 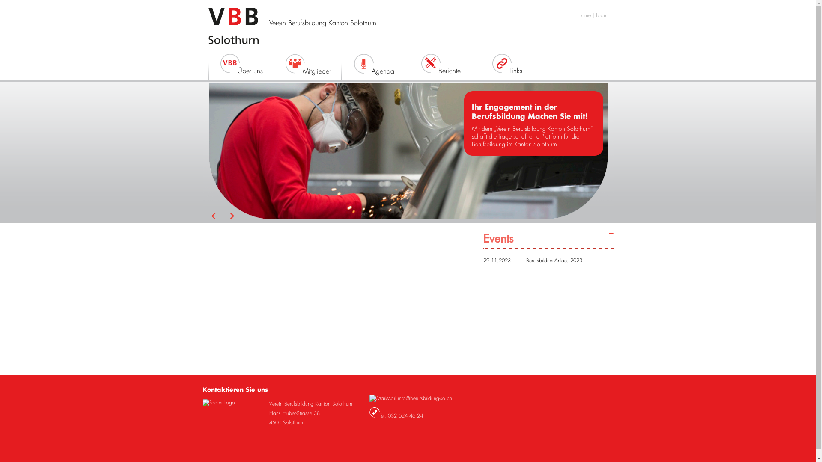 What do you see at coordinates (506, 67) in the screenshot?
I see `'Links'` at bounding box center [506, 67].